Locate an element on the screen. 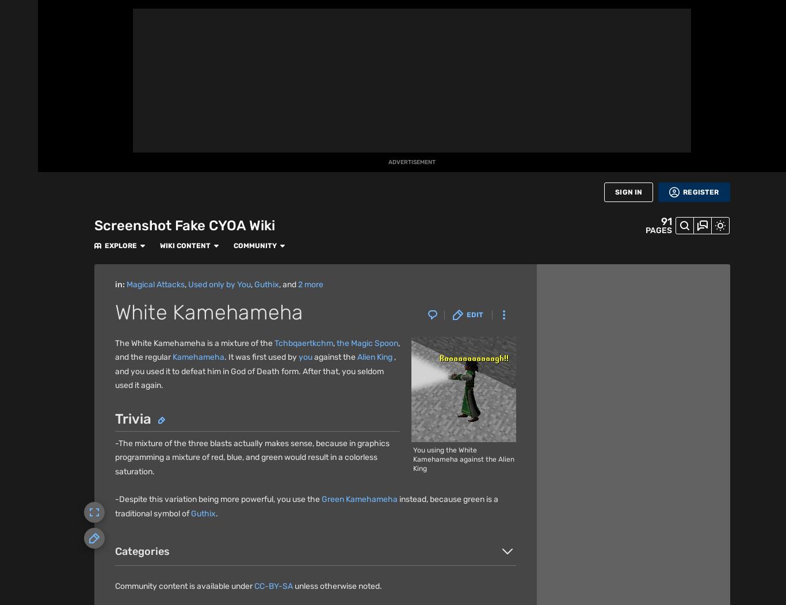 Image resolution: width=786 pixels, height=605 pixels. 'Do Not Sell or Share My Personal Information' is located at coordinates (418, 581).